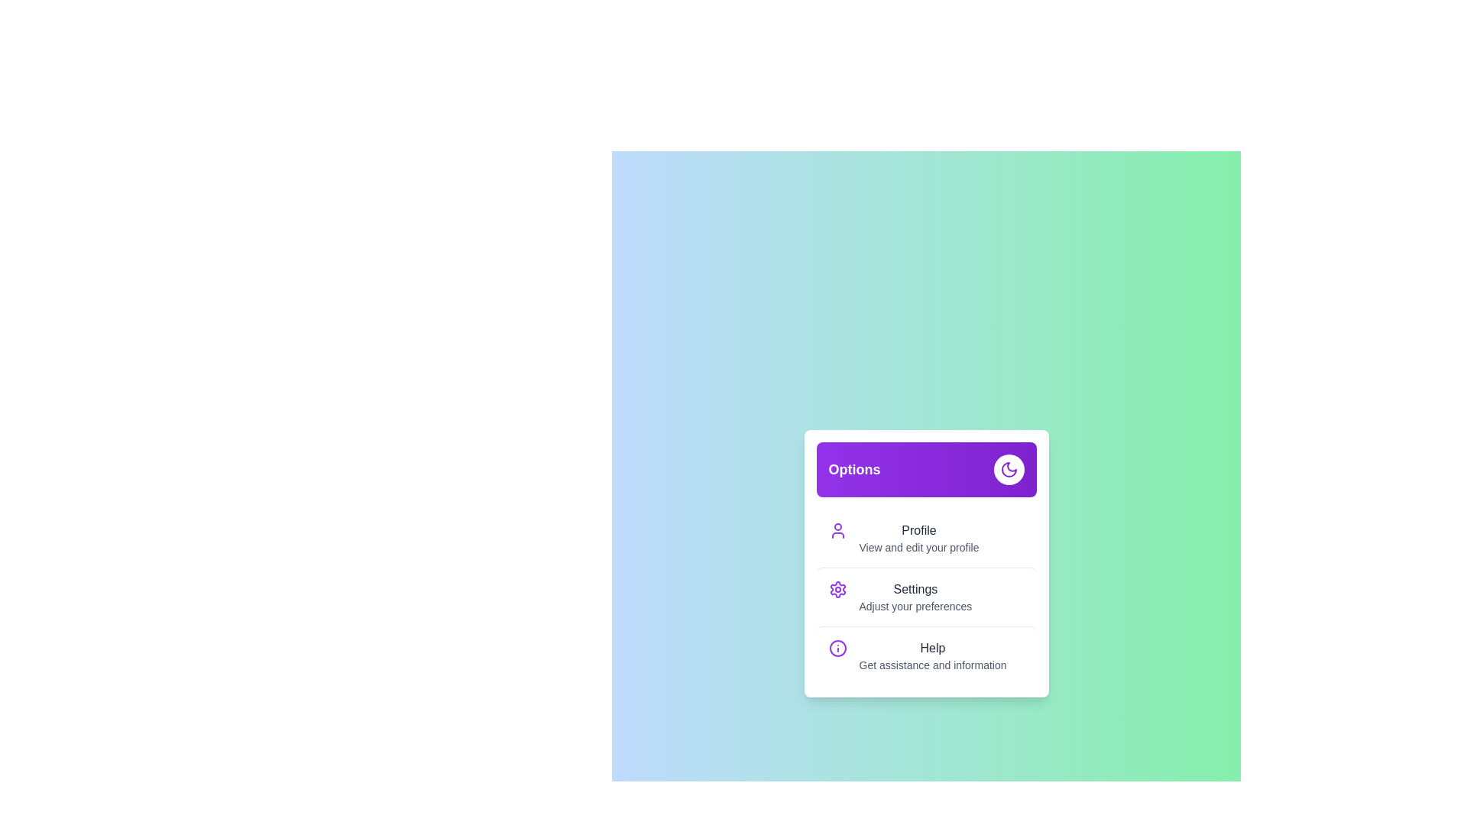  Describe the element at coordinates (1009, 468) in the screenshot. I see `button in the header to toggle the menu visibility` at that location.